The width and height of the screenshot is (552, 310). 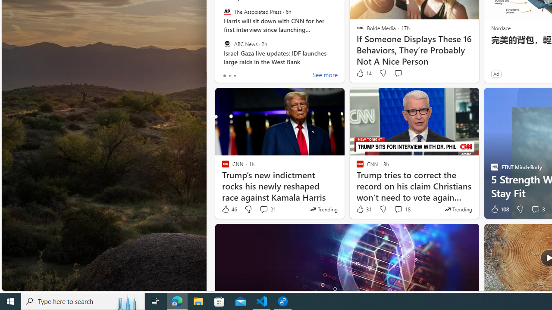 What do you see at coordinates (263, 209) in the screenshot?
I see `'View comments 21 Comment'` at bounding box center [263, 209].